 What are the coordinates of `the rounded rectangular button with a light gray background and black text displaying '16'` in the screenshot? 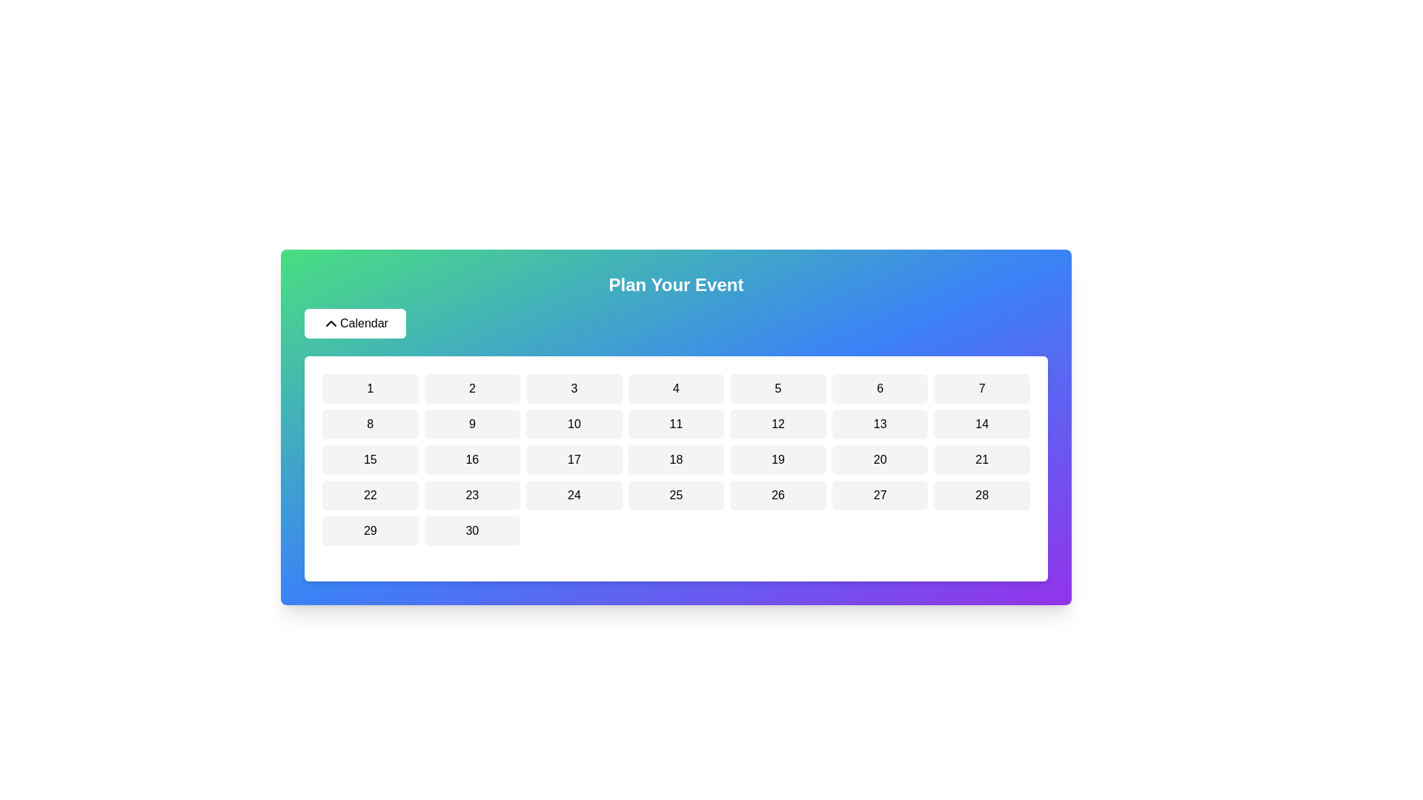 It's located at (471, 459).